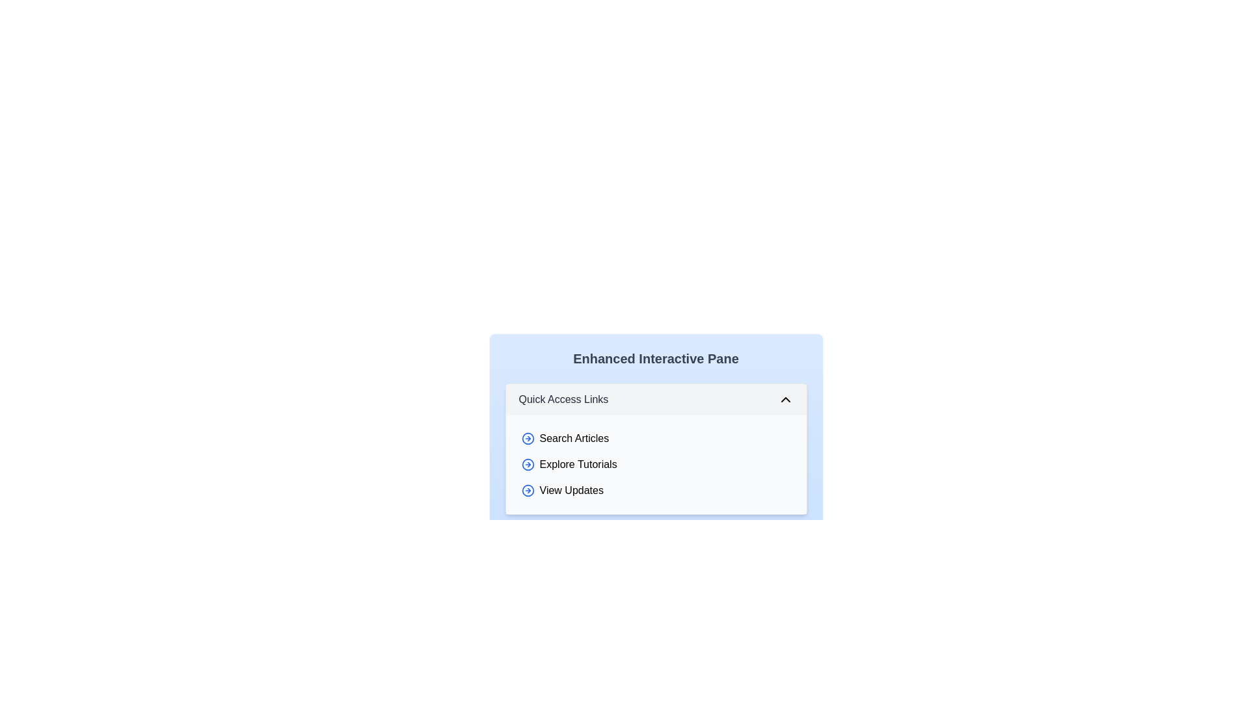  Describe the element at coordinates (528, 439) in the screenshot. I see `the icon associated with the list item Search Articles` at that location.